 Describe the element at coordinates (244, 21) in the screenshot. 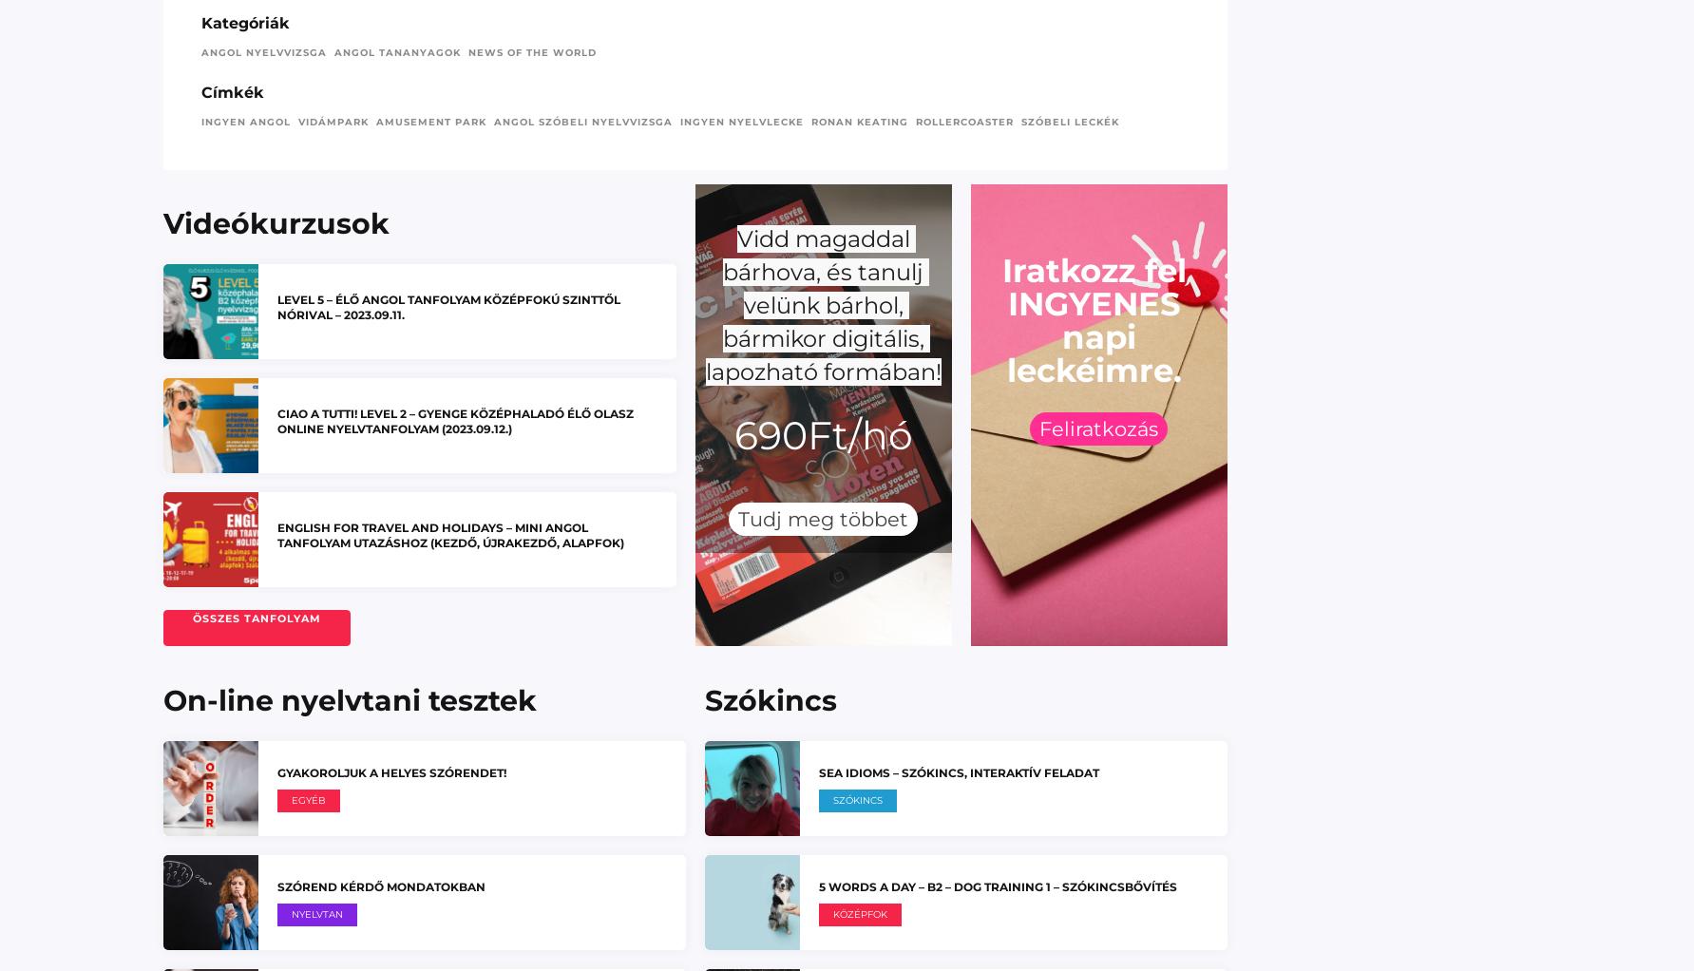

I see `'Kategóriák'` at that location.